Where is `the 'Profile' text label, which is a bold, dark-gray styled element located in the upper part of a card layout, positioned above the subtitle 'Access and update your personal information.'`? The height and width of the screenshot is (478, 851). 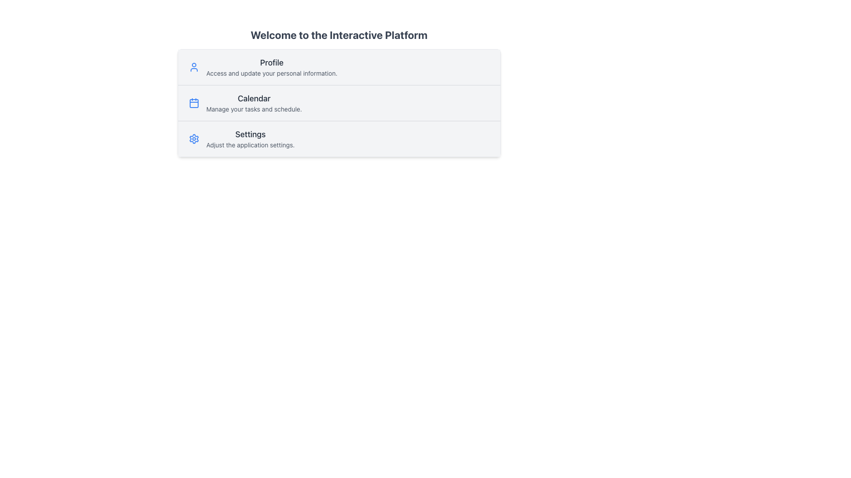
the 'Profile' text label, which is a bold, dark-gray styled element located in the upper part of a card layout, positioned above the subtitle 'Access and update your personal information.' is located at coordinates (271, 62).